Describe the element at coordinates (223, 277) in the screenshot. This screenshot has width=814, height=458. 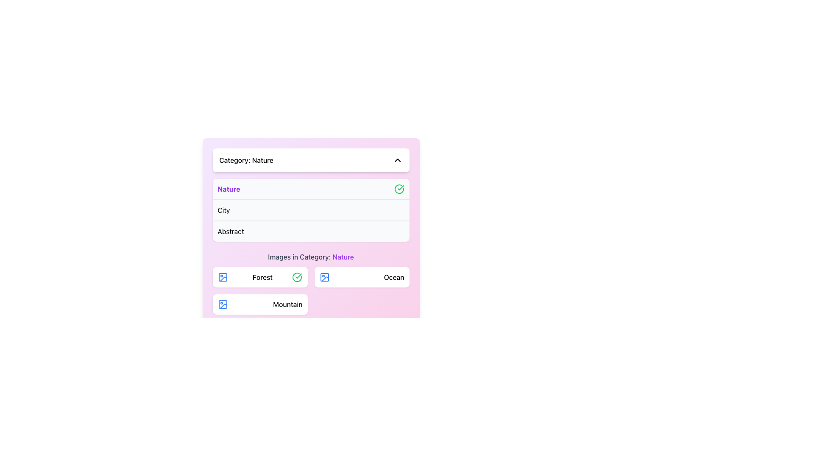
I see `the blue outlined icon representing an image located to the left of the 'Forest' label in the 'Images in Category: Nature' section` at that location.